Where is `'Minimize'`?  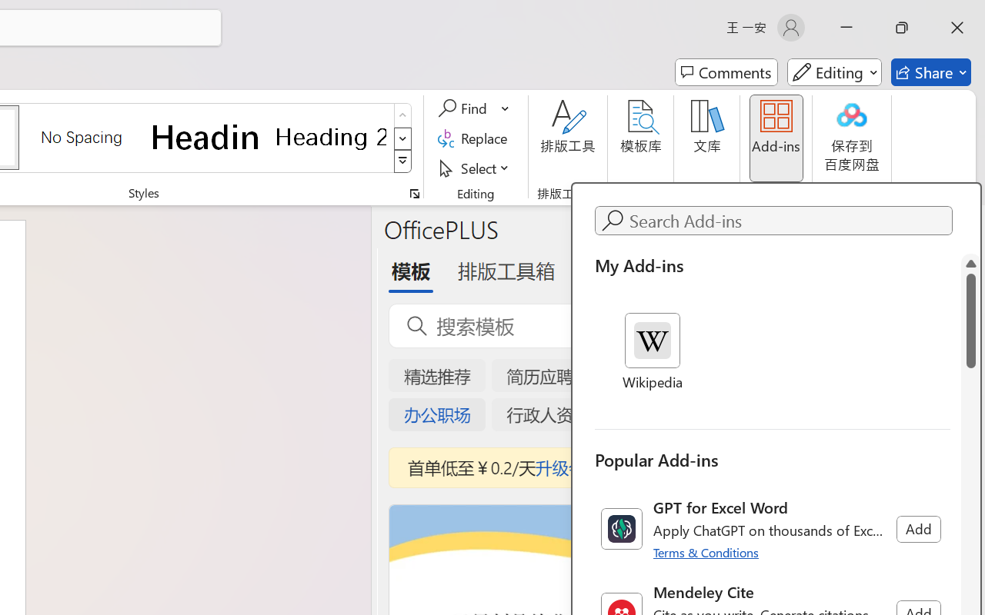 'Minimize' is located at coordinates (846, 27).